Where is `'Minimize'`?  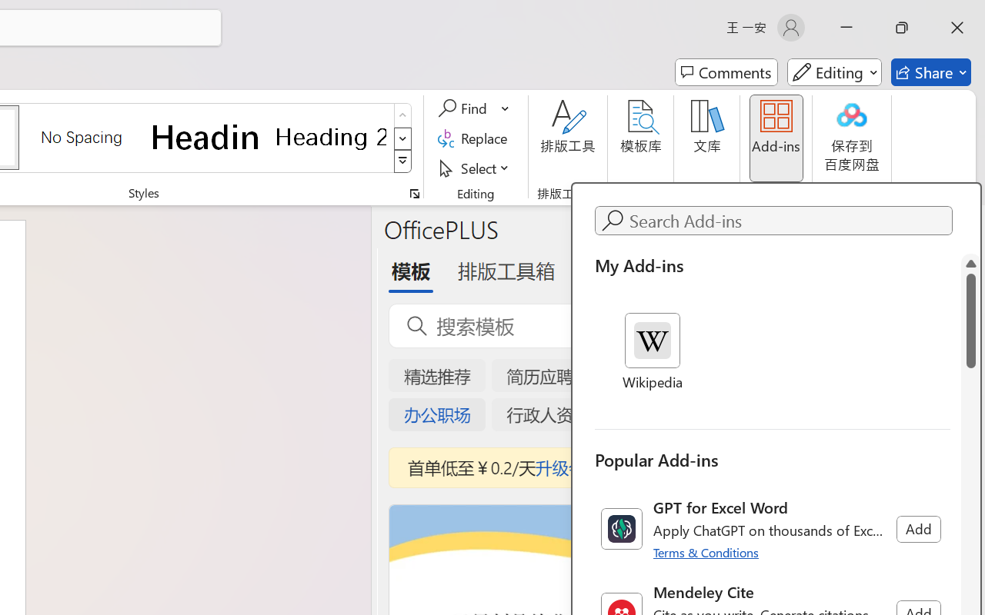 'Minimize' is located at coordinates (846, 27).